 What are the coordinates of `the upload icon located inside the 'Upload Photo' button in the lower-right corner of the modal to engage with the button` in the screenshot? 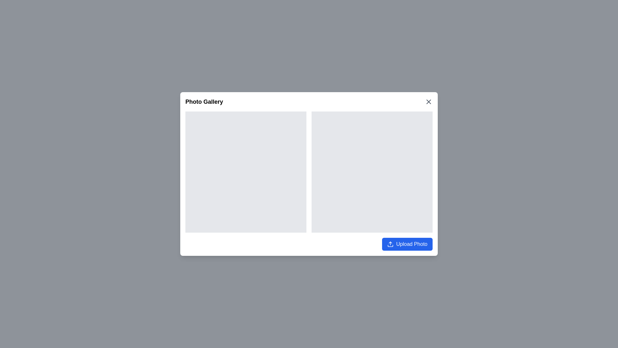 It's located at (390, 244).